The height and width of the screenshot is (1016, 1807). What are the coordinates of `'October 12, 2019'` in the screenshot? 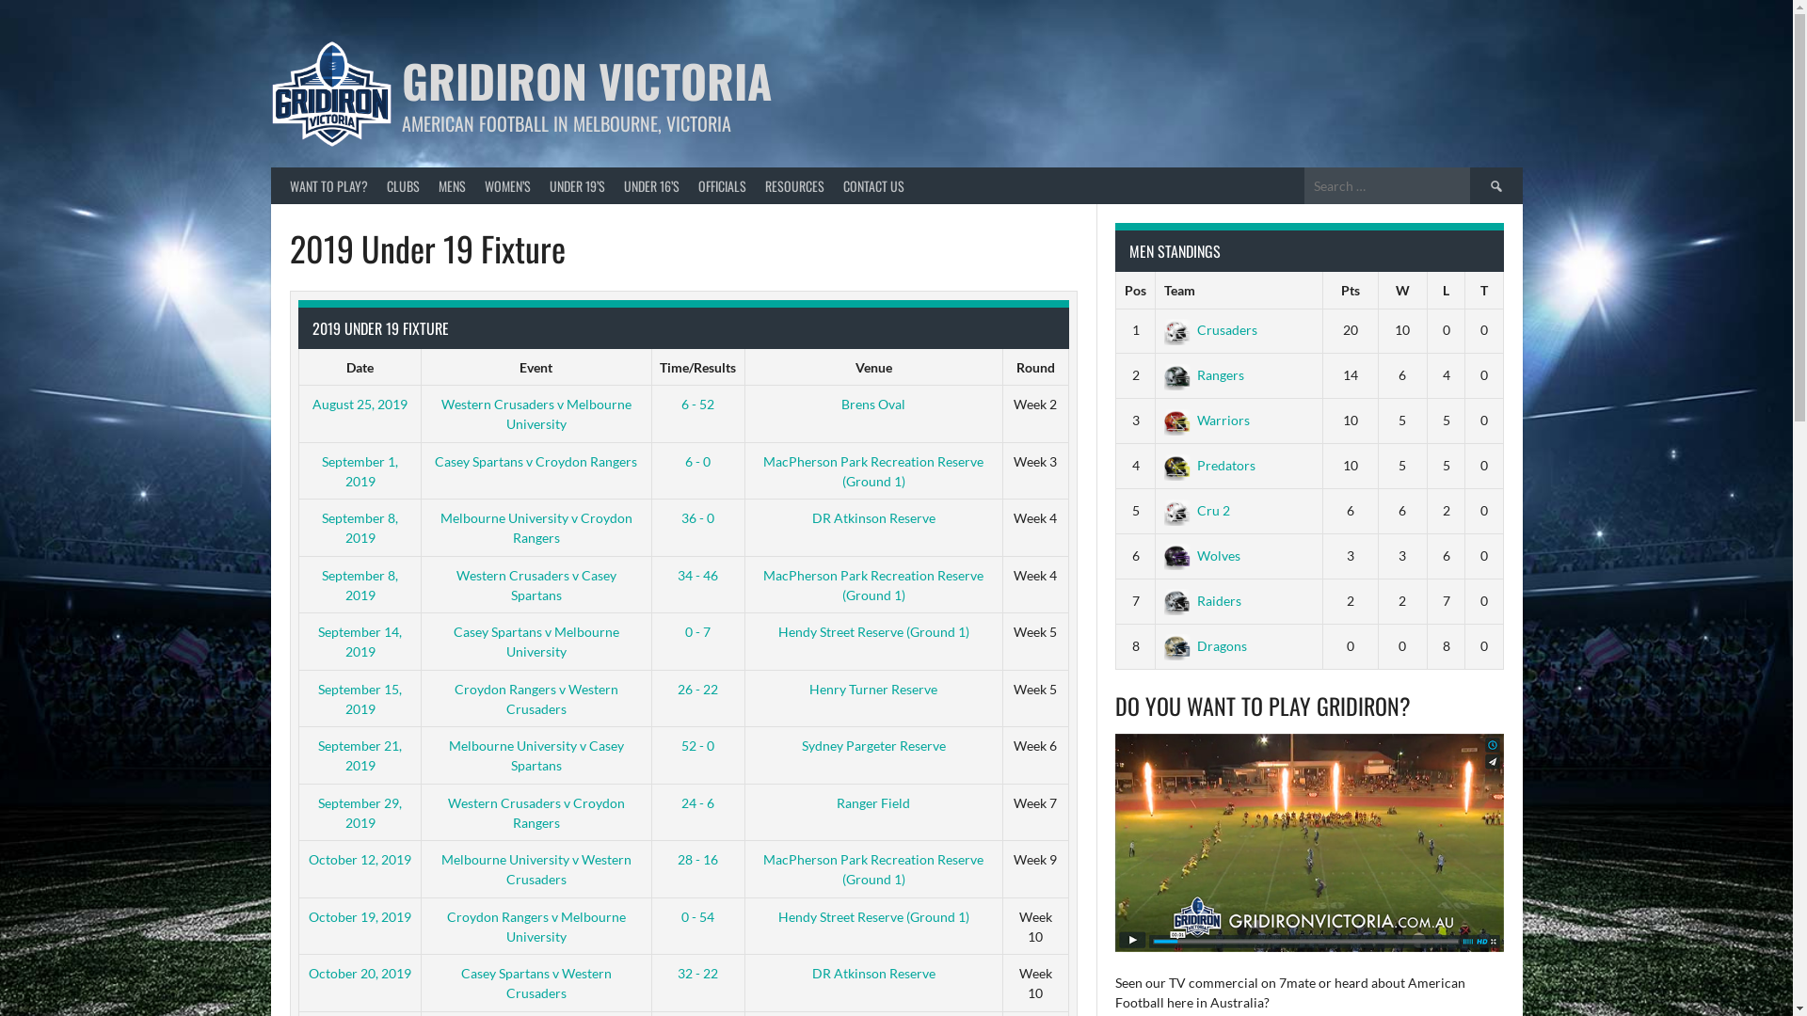 It's located at (360, 859).